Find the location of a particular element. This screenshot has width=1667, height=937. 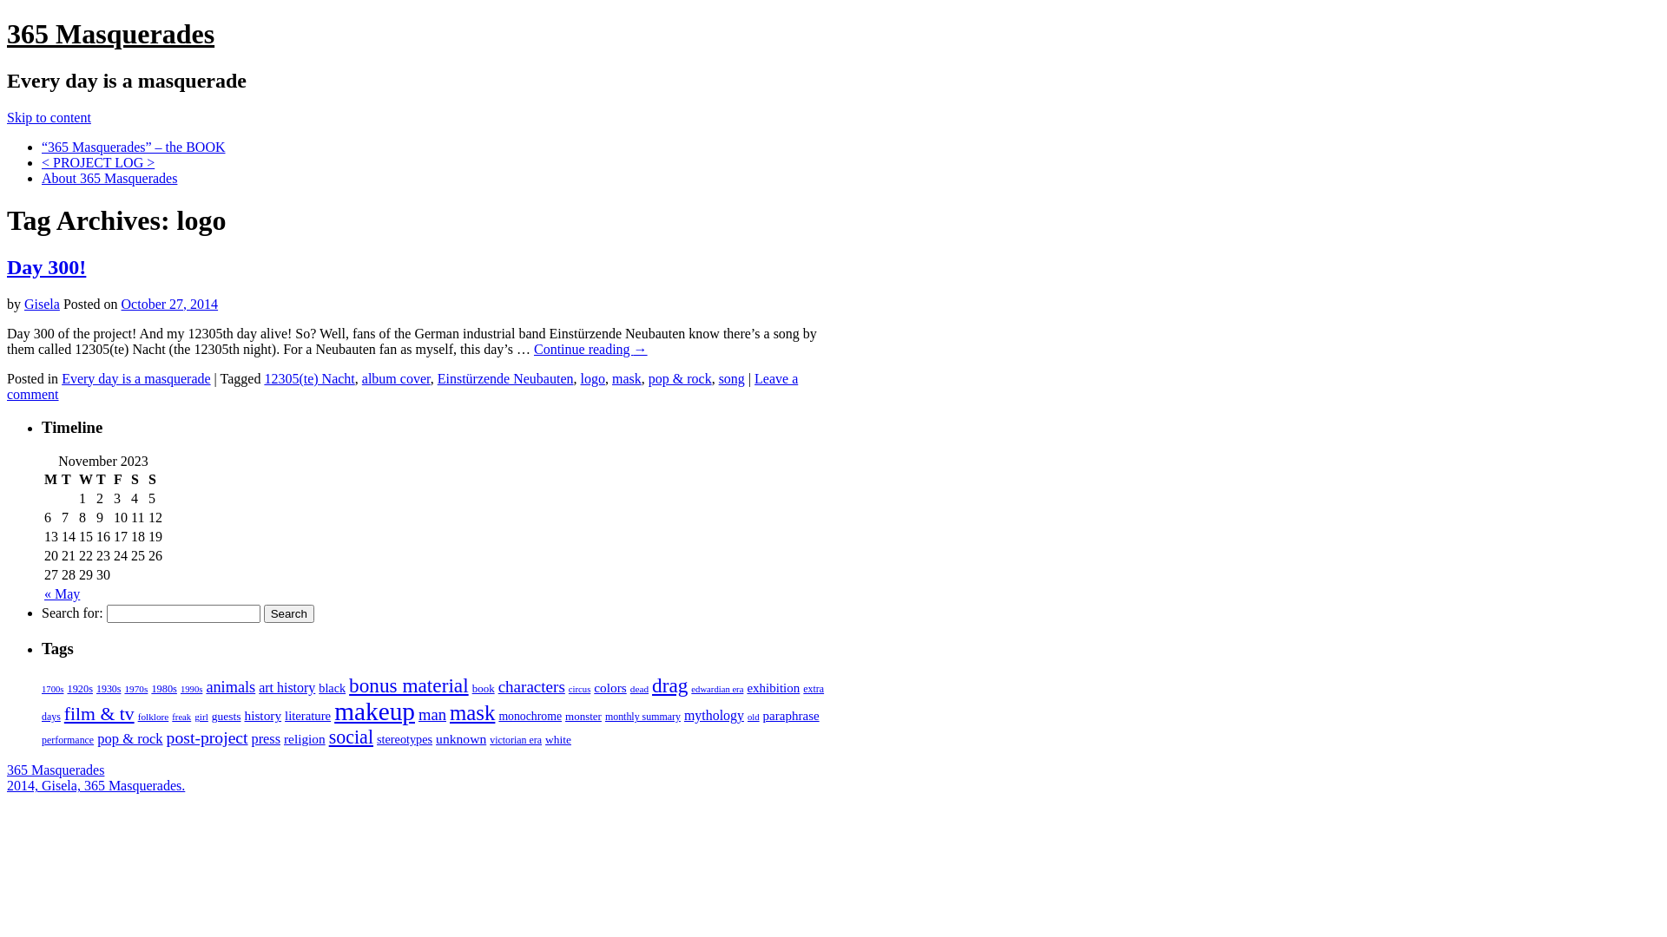

'animals' is located at coordinates (229, 685).